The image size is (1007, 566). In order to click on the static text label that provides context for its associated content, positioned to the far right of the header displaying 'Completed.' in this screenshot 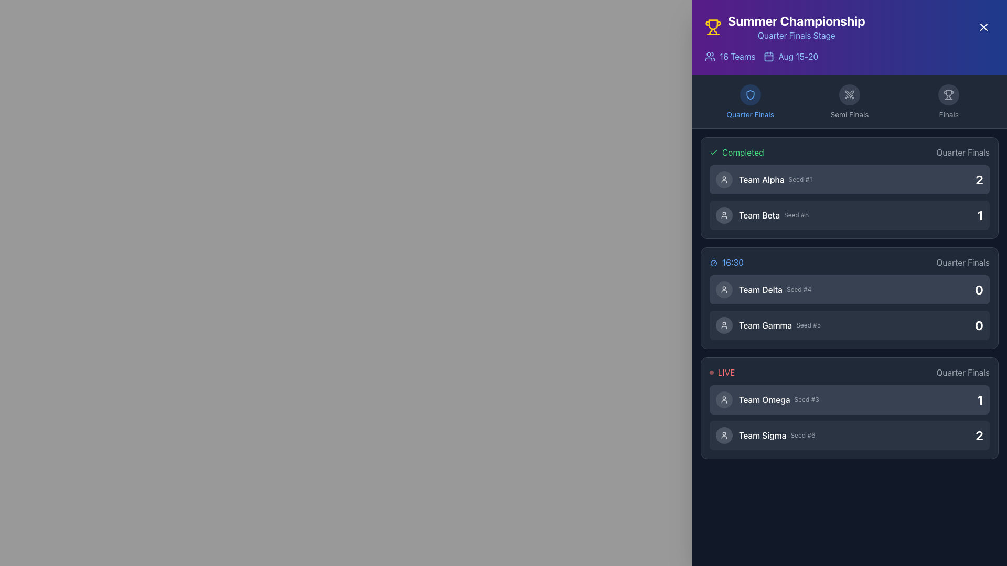, I will do `click(963, 152)`.